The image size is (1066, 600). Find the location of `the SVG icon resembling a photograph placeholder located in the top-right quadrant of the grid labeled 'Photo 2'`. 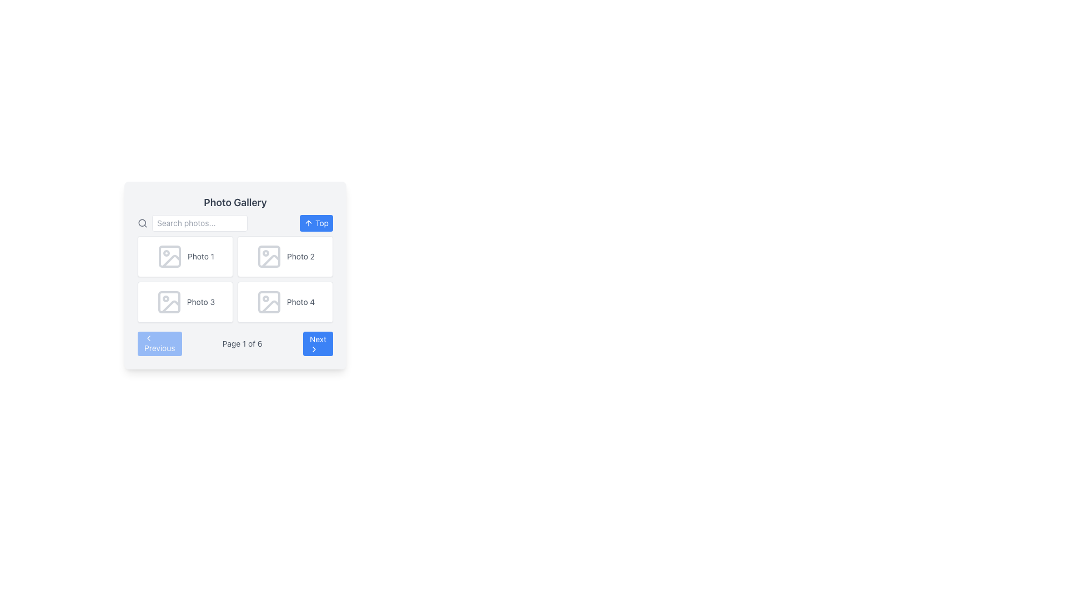

the SVG icon resembling a photograph placeholder located in the top-right quadrant of the grid labeled 'Photo 2' is located at coordinates (269, 257).